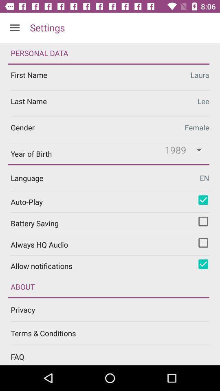 The height and width of the screenshot is (391, 220). I want to click on switch autoplay option, so click(203, 200).